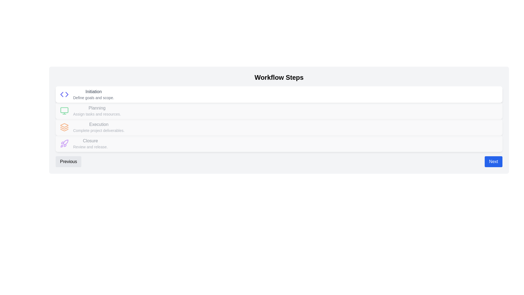 This screenshot has width=524, height=295. What do you see at coordinates (94, 98) in the screenshot?
I see `text label providing supplementary information for the 'Initiation' step in the 'Workflow Steps' interface, located directly under the text 'Initiation'` at bounding box center [94, 98].